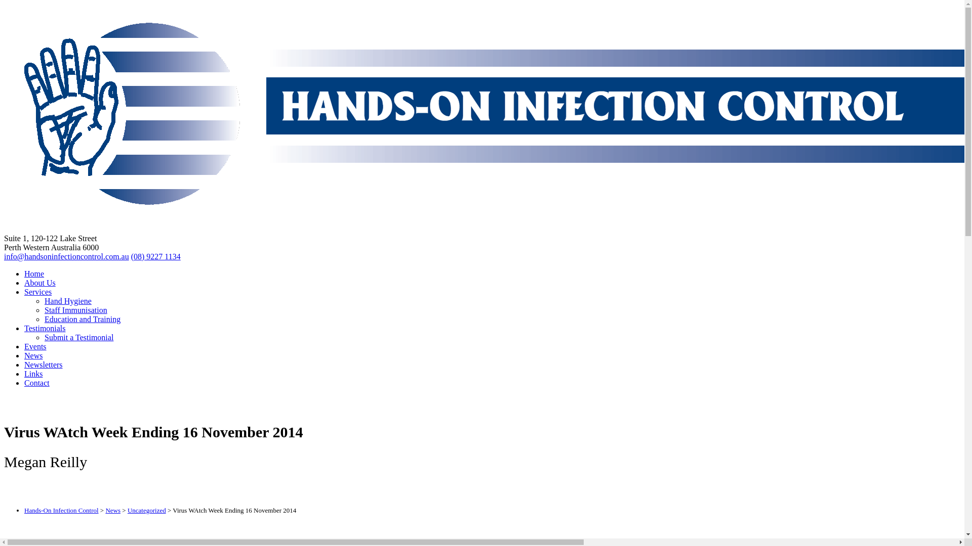 The width and height of the screenshot is (972, 546). What do you see at coordinates (75, 309) in the screenshot?
I see `'Staff Immunisation'` at bounding box center [75, 309].